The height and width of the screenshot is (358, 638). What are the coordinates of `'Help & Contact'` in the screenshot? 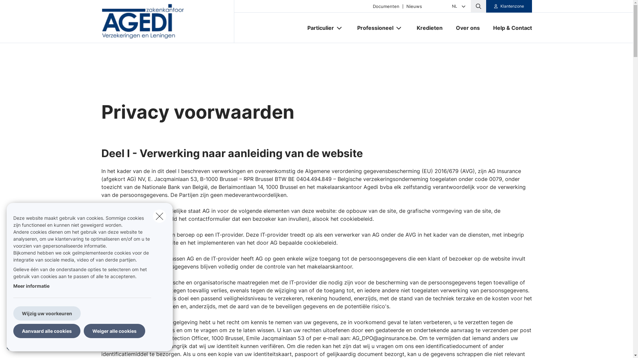 It's located at (509, 28).